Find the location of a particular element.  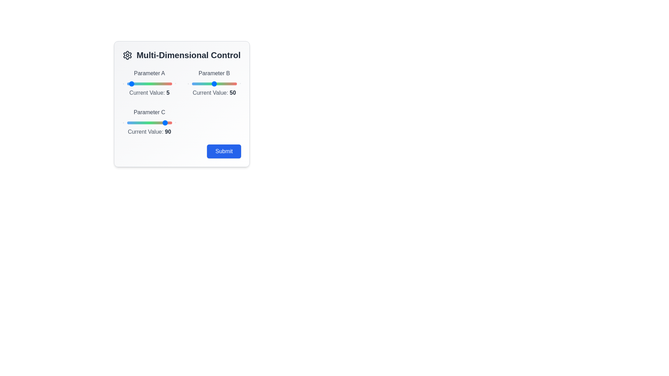

the settings icon to interact with the component's title and icon is located at coordinates (127, 55).